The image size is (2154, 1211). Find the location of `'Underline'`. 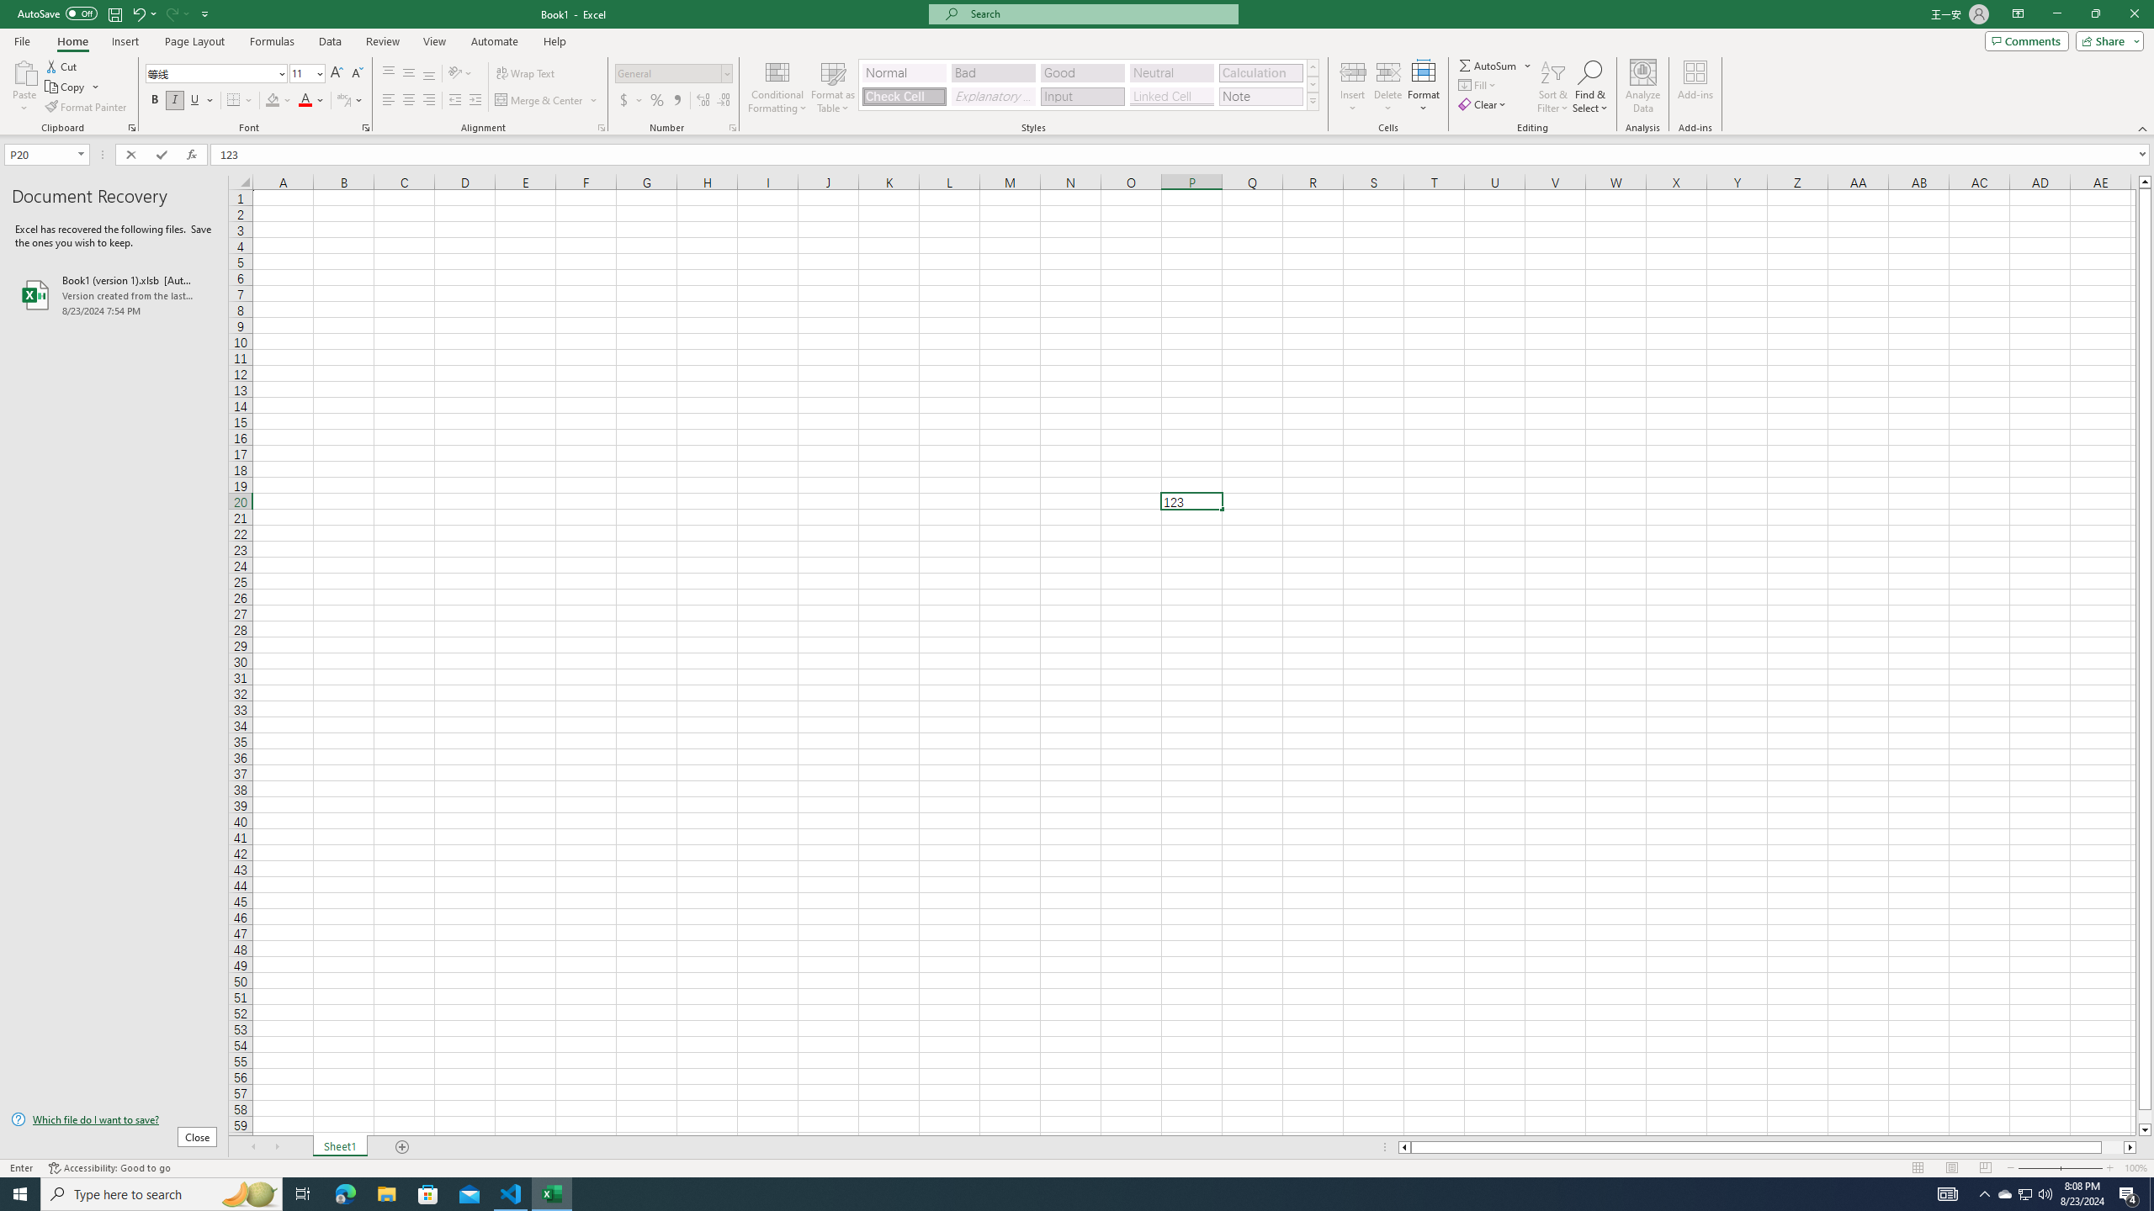

'Underline' is located at coordinates (194, 99).